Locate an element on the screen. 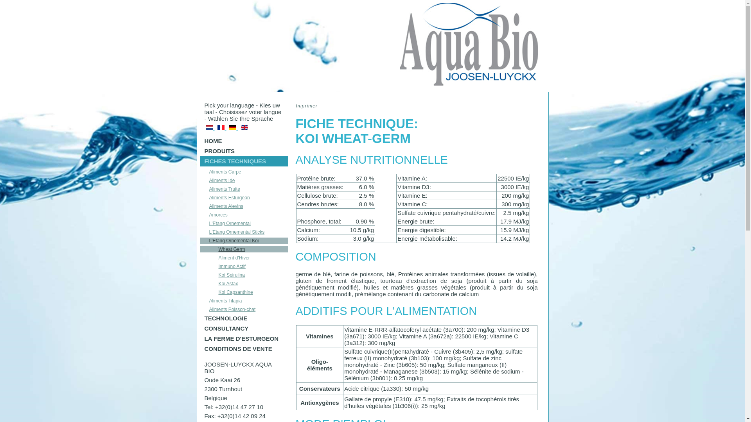 This screenshot has width=751, height=422. 'LA FERME D'ESTURGEON' is located at coordinates (243, 338).